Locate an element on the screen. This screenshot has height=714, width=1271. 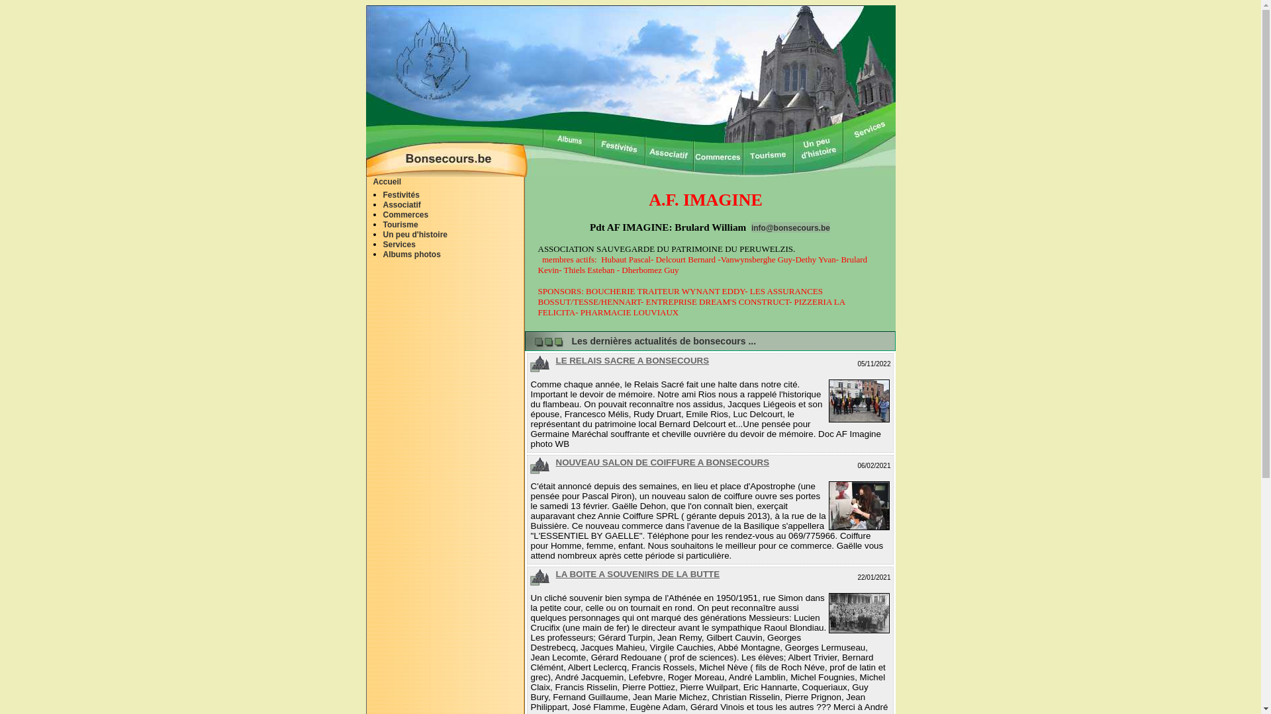
'Un peu d'histoire' is located at coordinates (414, 233).